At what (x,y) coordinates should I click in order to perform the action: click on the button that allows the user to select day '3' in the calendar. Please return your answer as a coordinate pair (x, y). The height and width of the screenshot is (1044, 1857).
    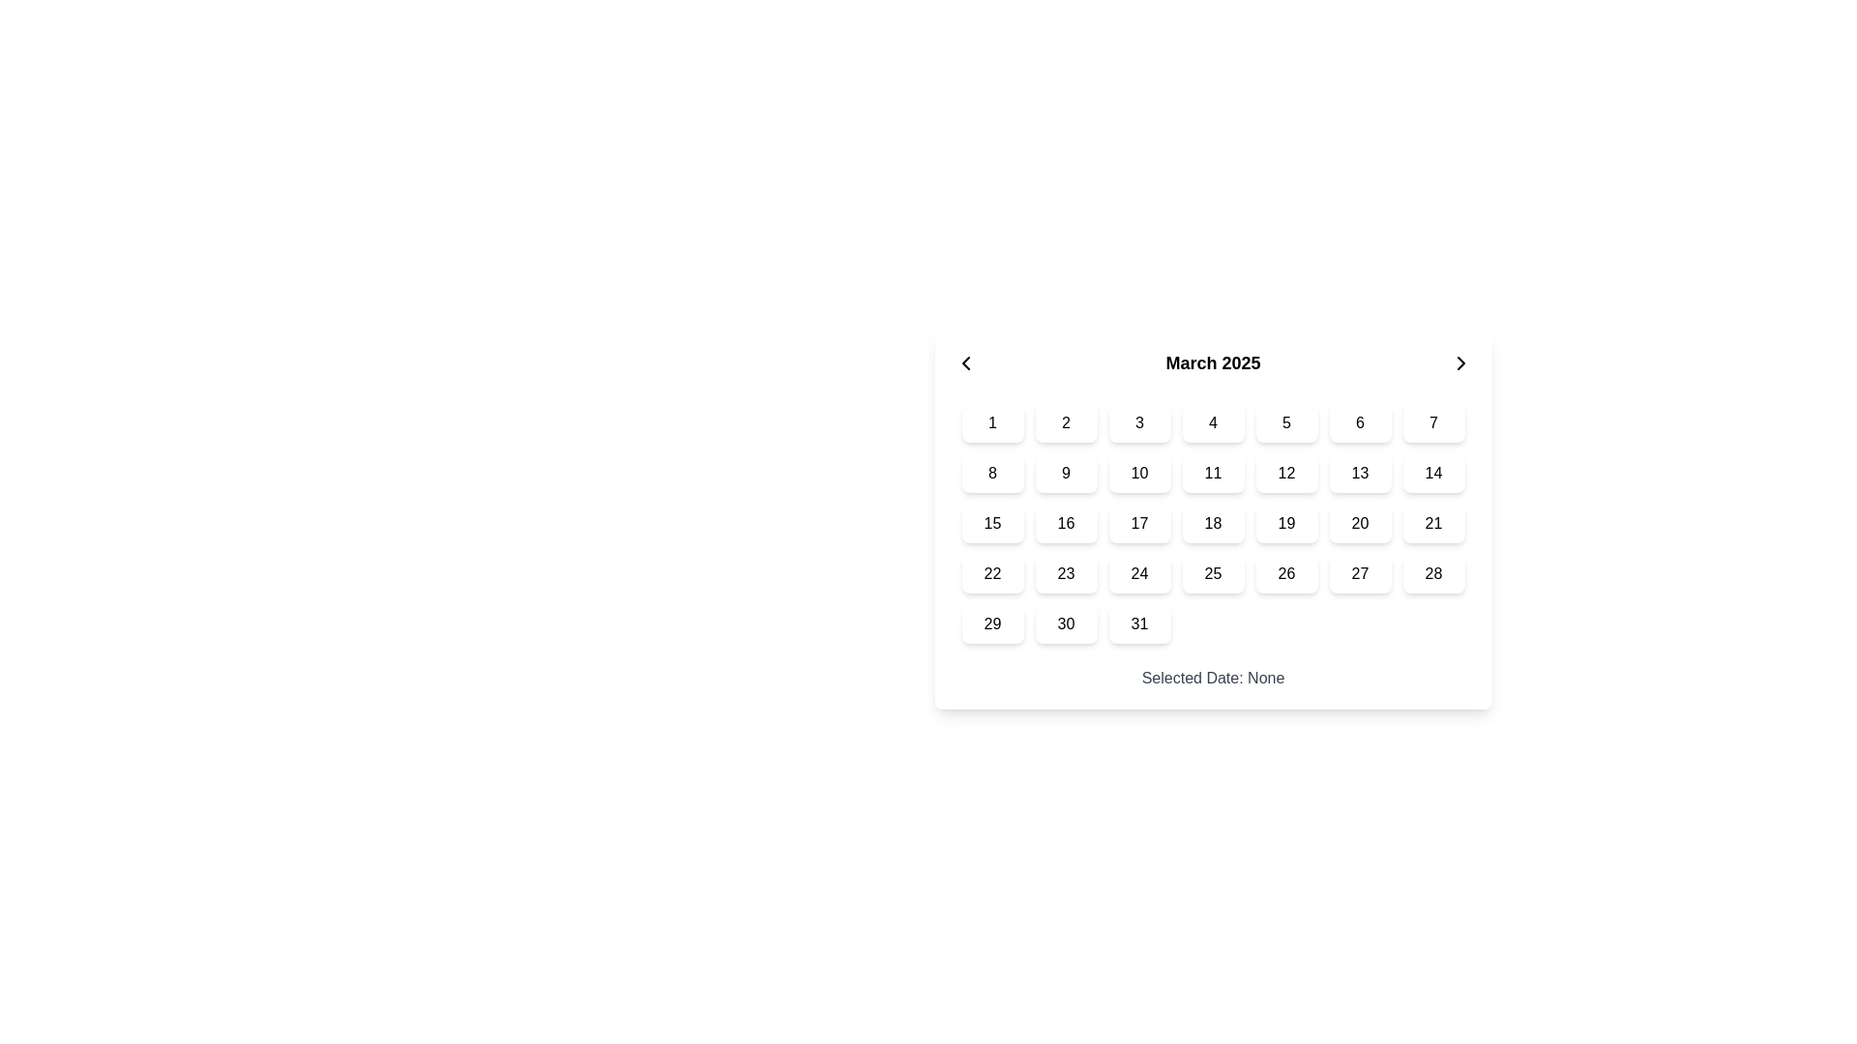
    Looking at the image, I should click on (1139, 422).